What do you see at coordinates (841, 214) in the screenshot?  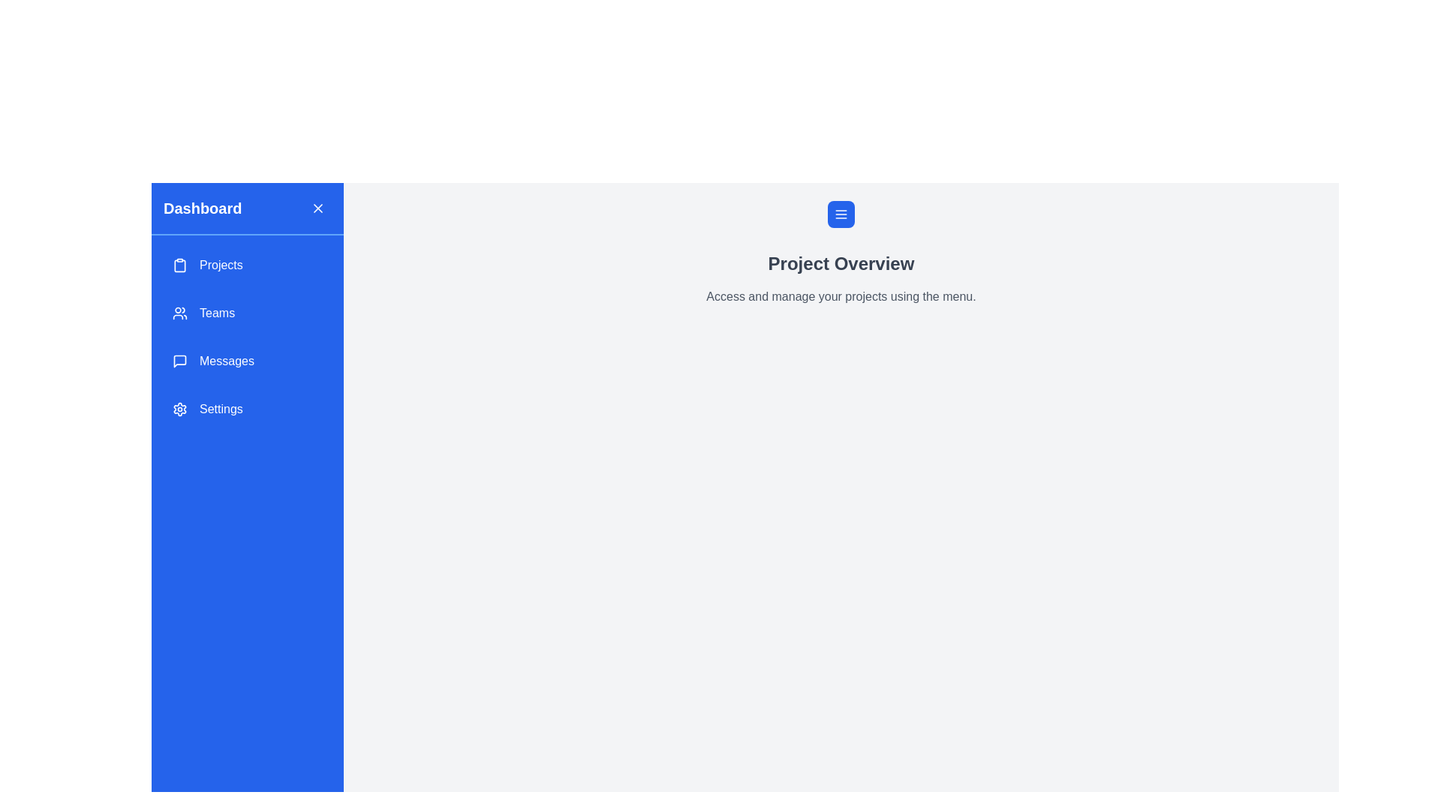 I see `the square-shaped button with a blue background and white horizontal lines, located in the top-central portion of the interface` at bounding box center [841, 214].